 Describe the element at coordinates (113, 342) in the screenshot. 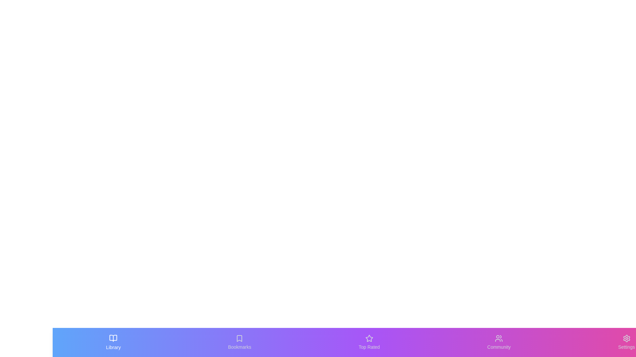

I see `the Library tab by clicking its button` at that location.